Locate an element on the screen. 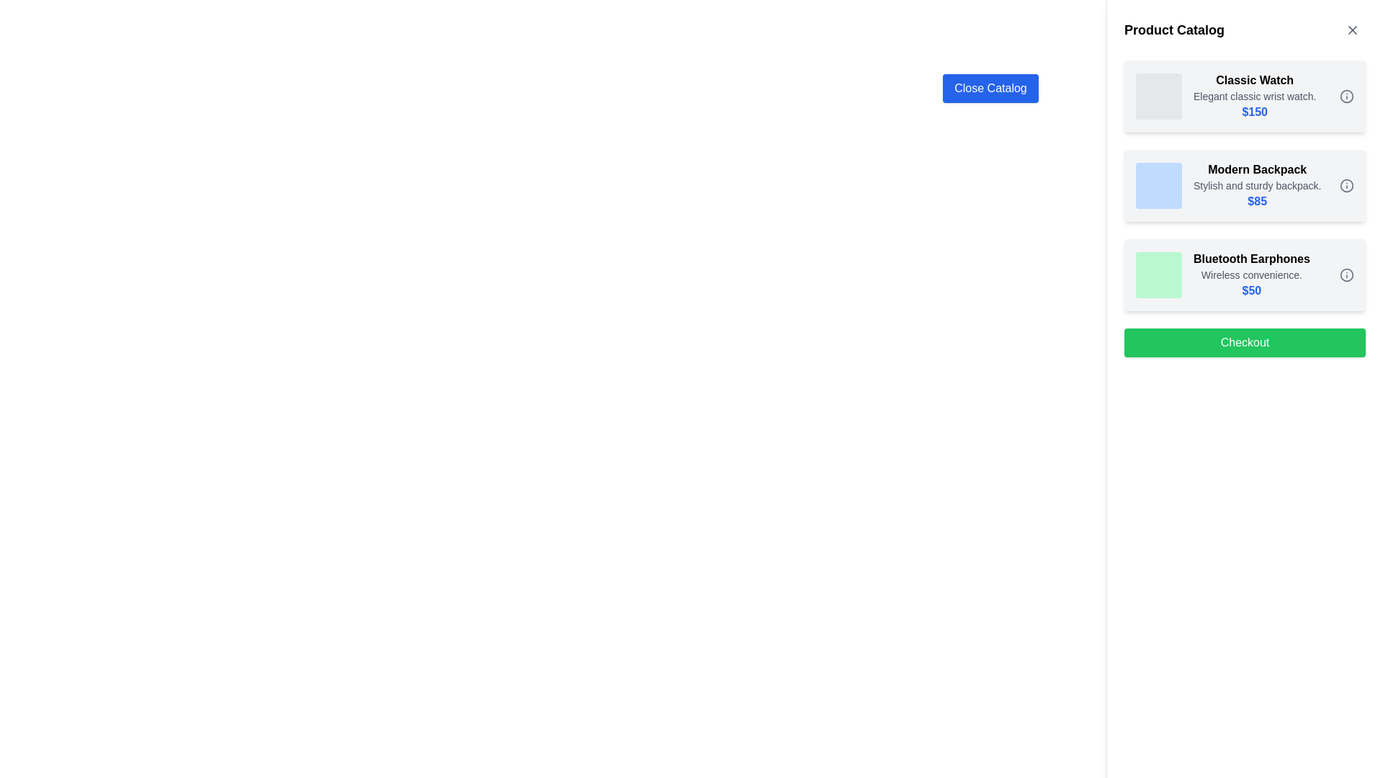 The height and width of the screenshot is (778, 1383). the info icon on the third product card for 'Bluetooth Earphones' in the 'Product Catalog' section is located at coordinates (1244, 274).